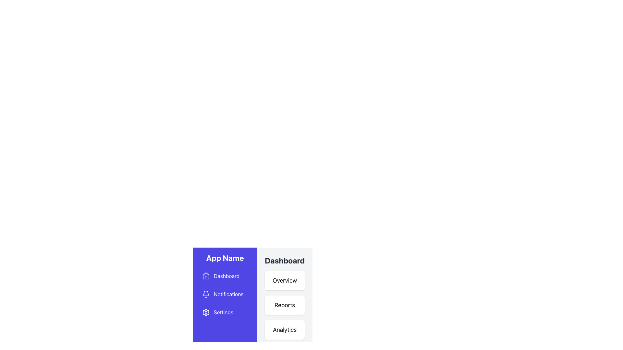  I want to click on the house-shaped icon representing the home or dashboard section, so click(205, 276).